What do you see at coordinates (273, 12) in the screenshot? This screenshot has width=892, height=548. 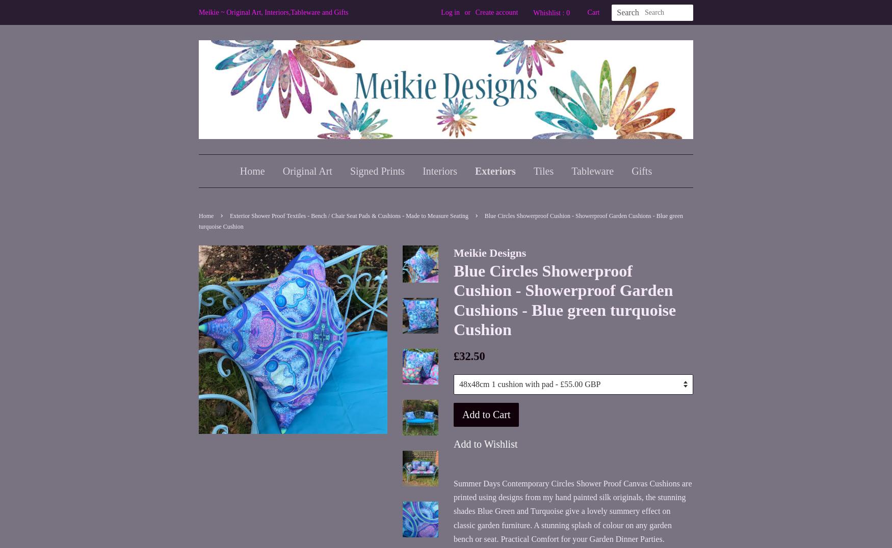 I see `'Meikie ~ Original Art, Interiors,Tableware and Gifts'` at bounding box center [273, 12].